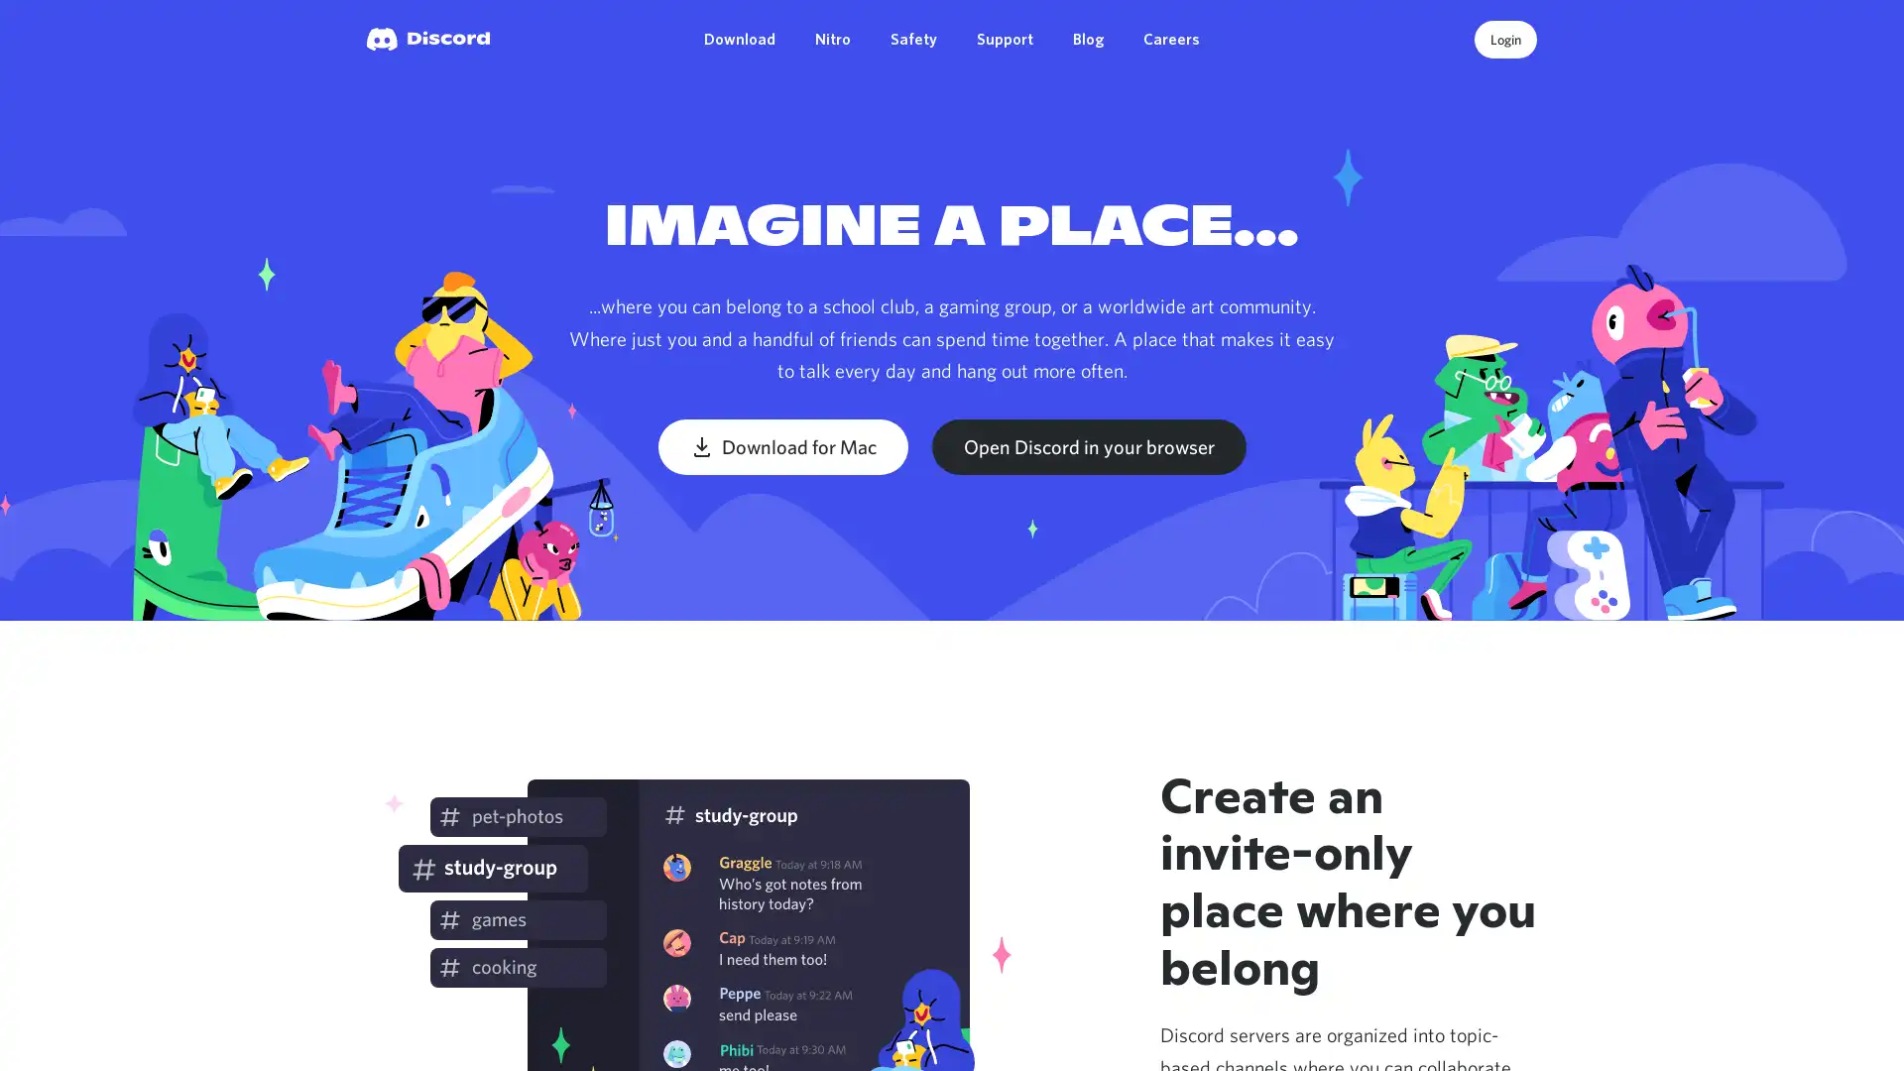 This screenshot has height=1071, width=1904. I want to click on Open Discord in your browser, so click(1087, 446).